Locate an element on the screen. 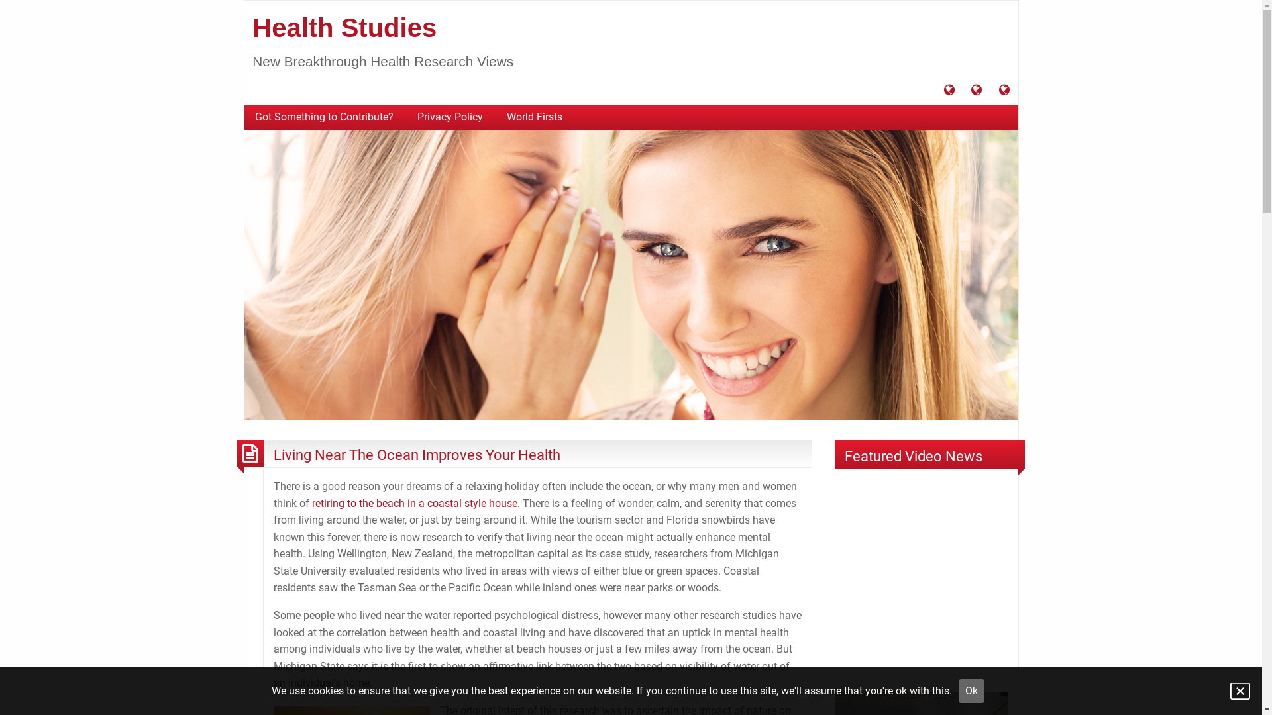 The image size is (1272, 715). 'Health Studies' is located at coordinates (252, 28).